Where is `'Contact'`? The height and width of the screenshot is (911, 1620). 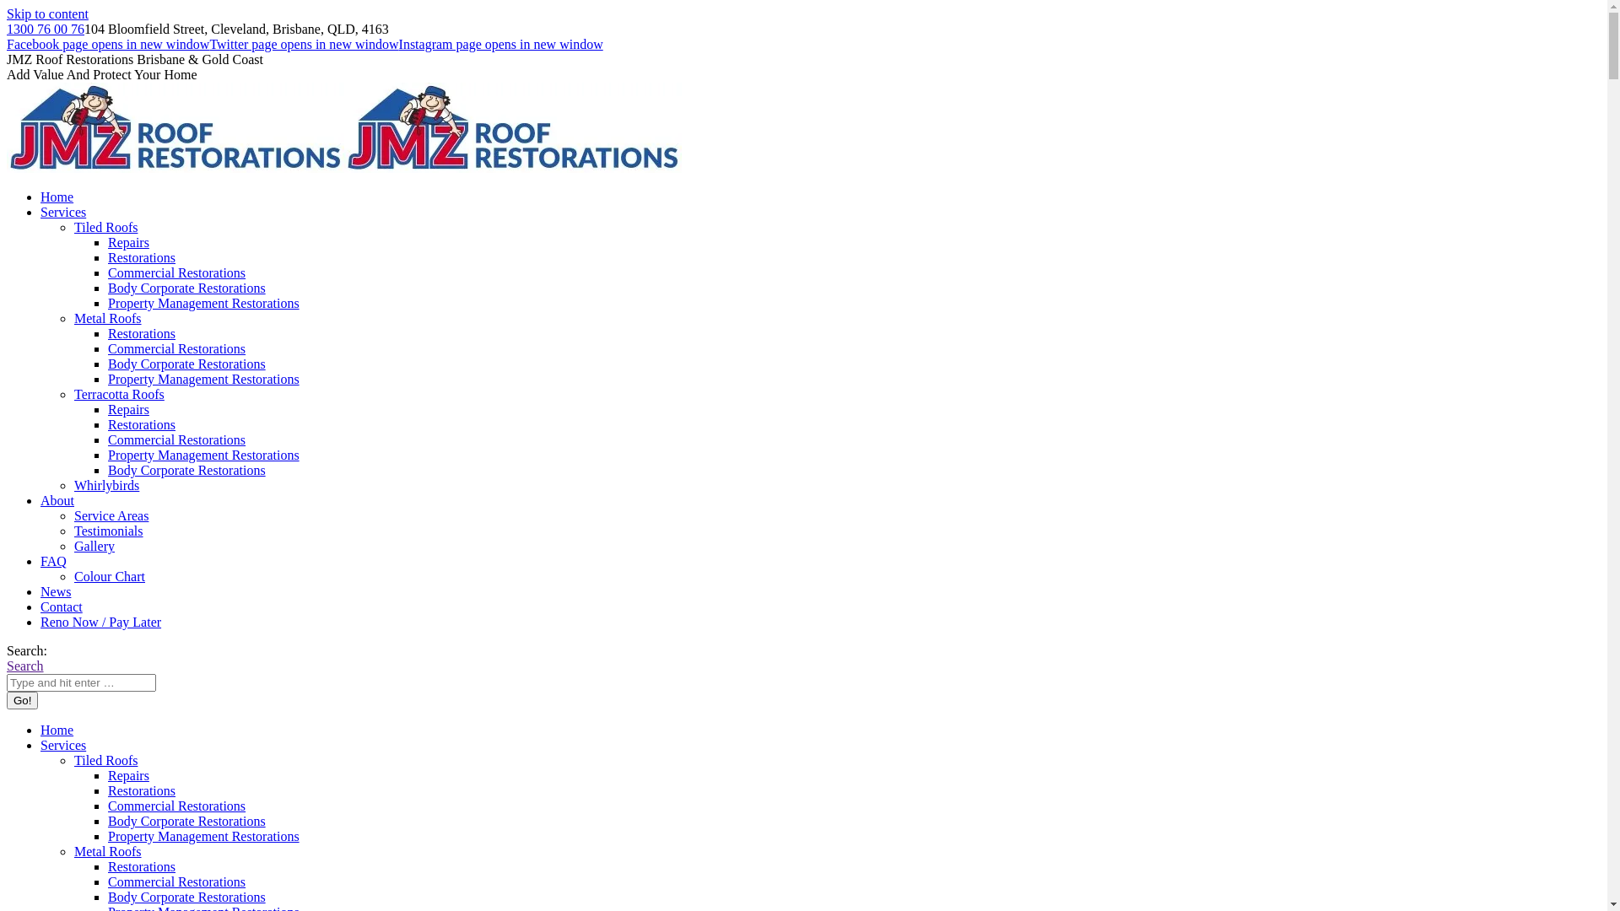
'Contact' is located at coordinates (61, 606).